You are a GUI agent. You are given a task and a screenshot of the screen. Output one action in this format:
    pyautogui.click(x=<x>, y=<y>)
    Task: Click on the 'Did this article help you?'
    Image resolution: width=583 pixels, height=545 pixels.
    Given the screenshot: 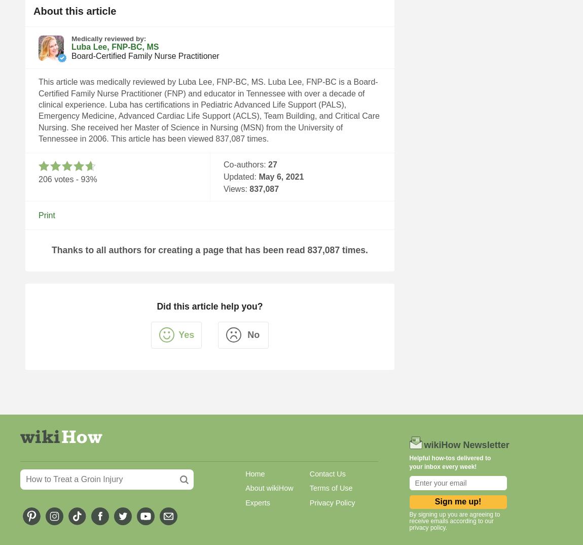 What is the action you would take?
    pyautogui.click(x=209, y=306)
    